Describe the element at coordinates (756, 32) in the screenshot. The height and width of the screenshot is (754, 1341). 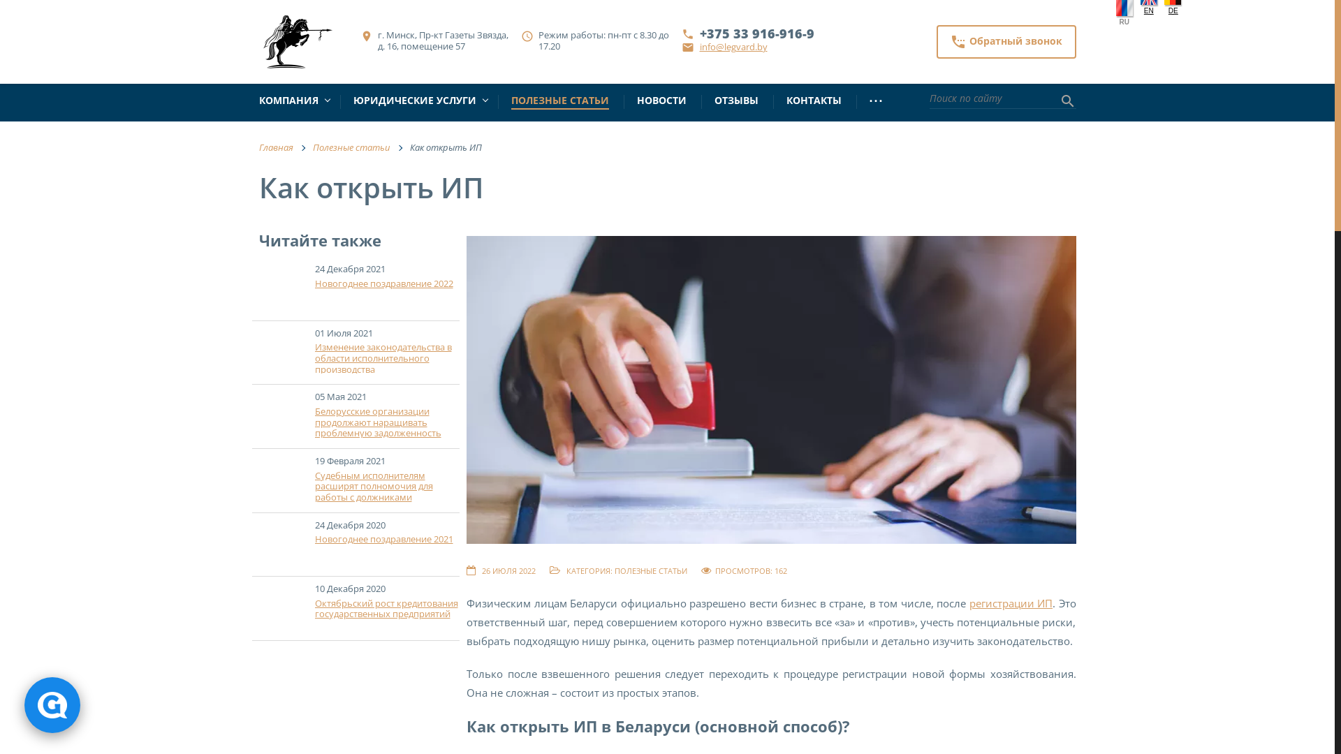
I see `'+375 33 916-916-9'` at that location.